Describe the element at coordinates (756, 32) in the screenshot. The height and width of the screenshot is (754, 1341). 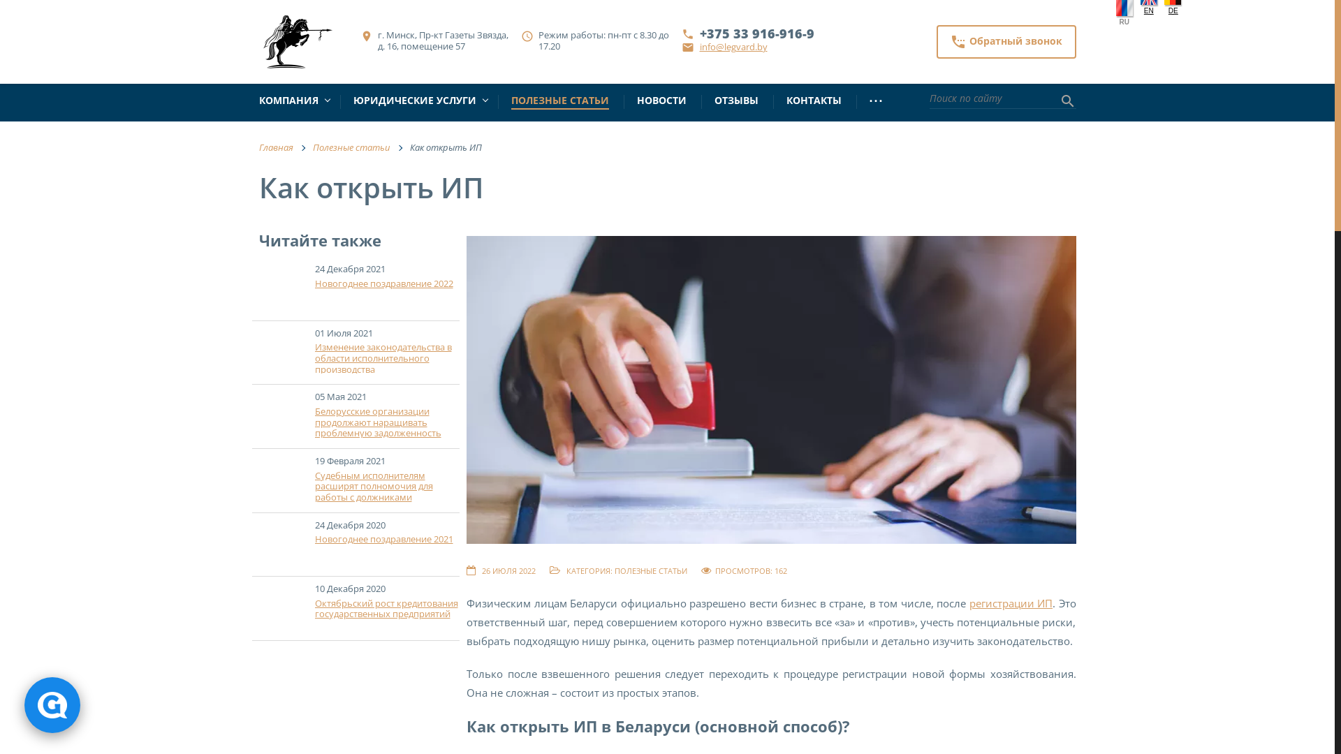
I see `'+375 33 916-916-9'` at that location.